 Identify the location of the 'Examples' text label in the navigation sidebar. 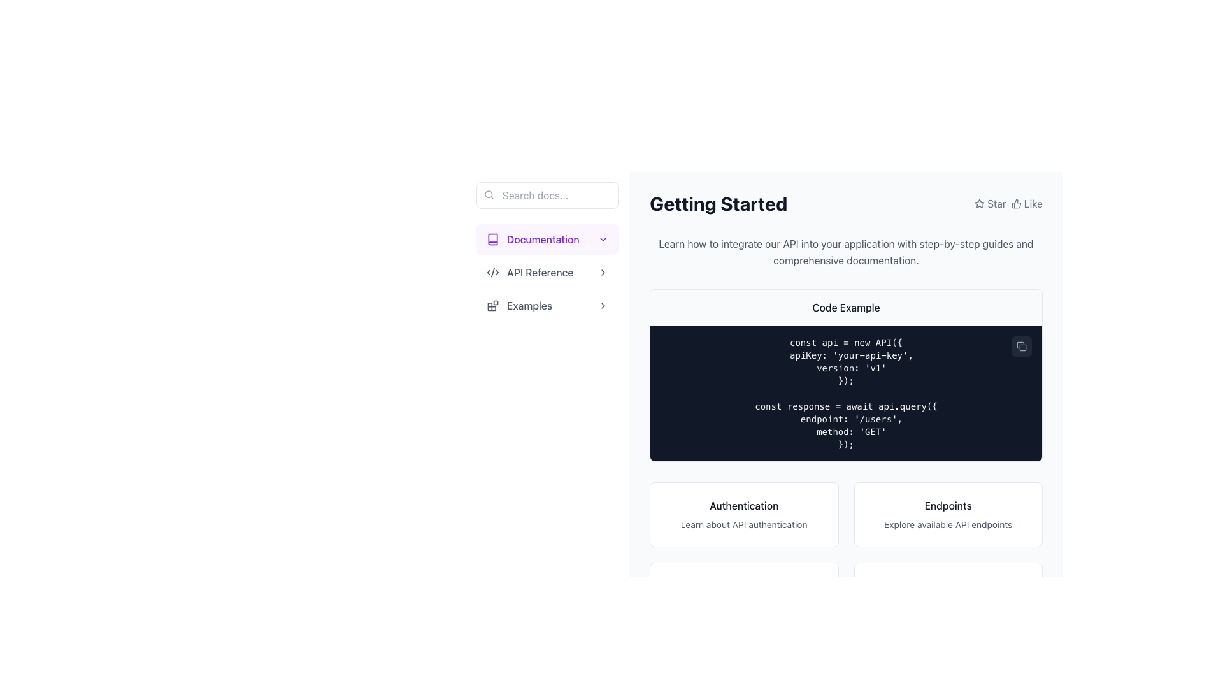
(529, 305).